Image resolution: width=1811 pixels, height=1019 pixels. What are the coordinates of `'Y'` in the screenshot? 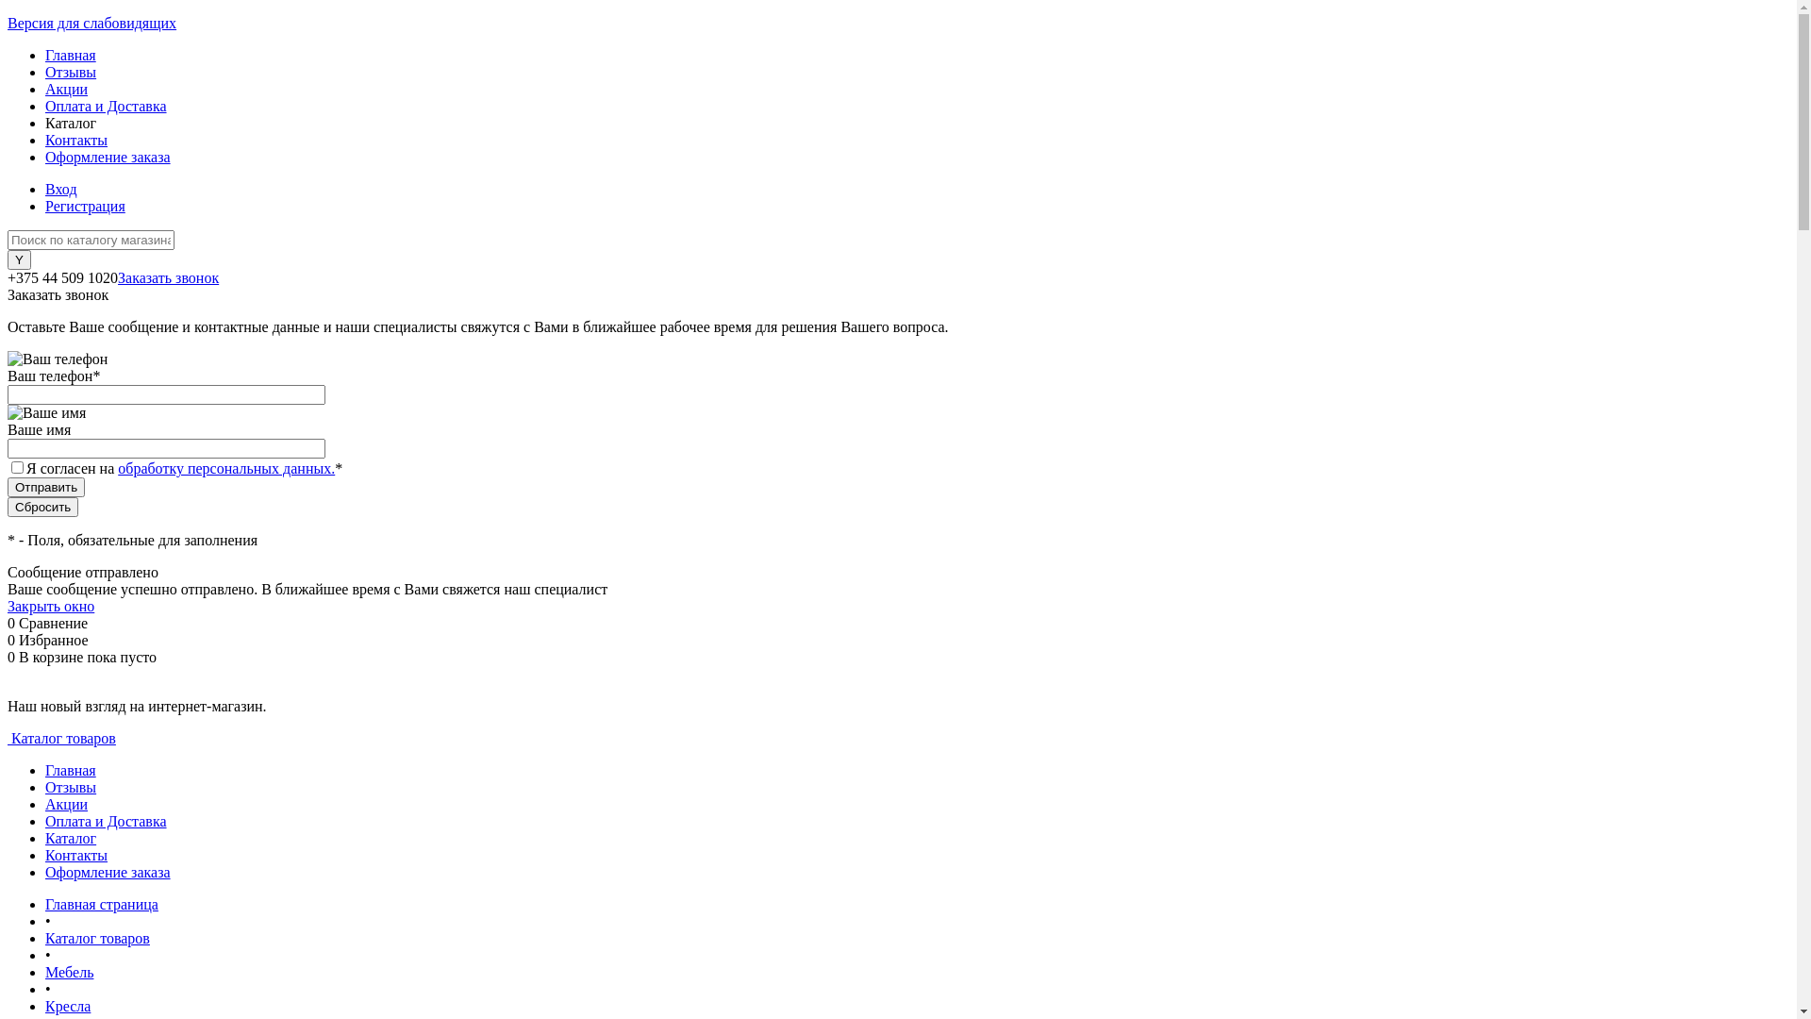 It's located at (19, 259).